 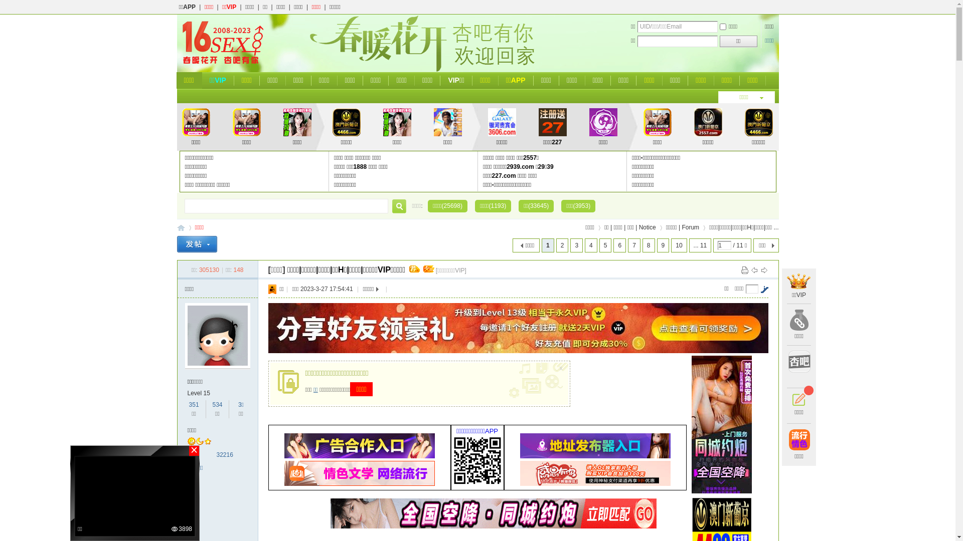 I want to click on 'Level 15', so click(x=199, y=393).